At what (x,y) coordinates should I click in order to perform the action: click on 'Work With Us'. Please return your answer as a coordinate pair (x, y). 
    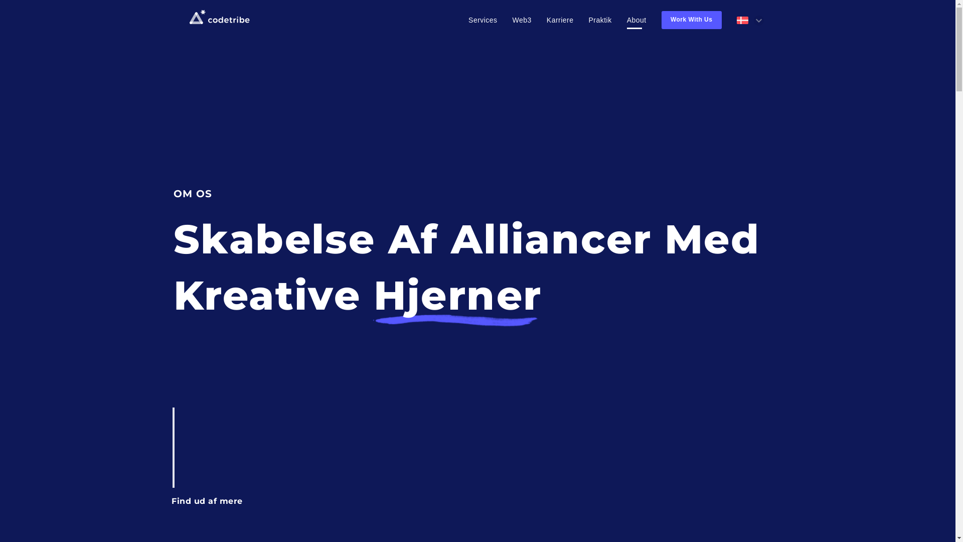
    Looking at the image, I should click on (691, 20).